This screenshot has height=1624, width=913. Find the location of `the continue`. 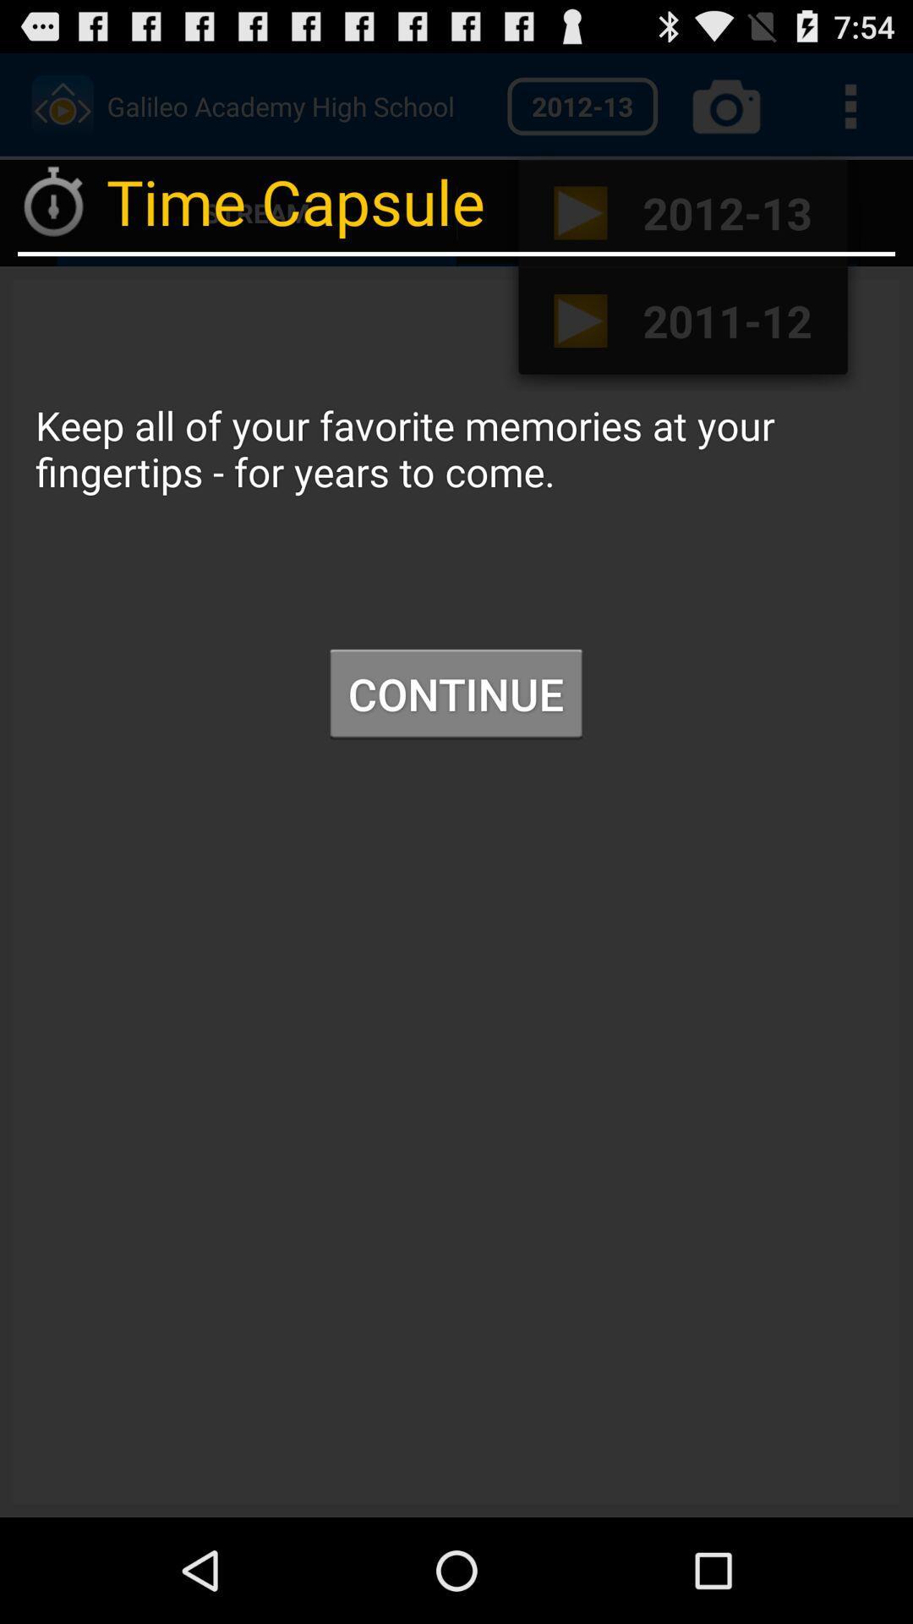

the continue is located at coordinates (455, 694).